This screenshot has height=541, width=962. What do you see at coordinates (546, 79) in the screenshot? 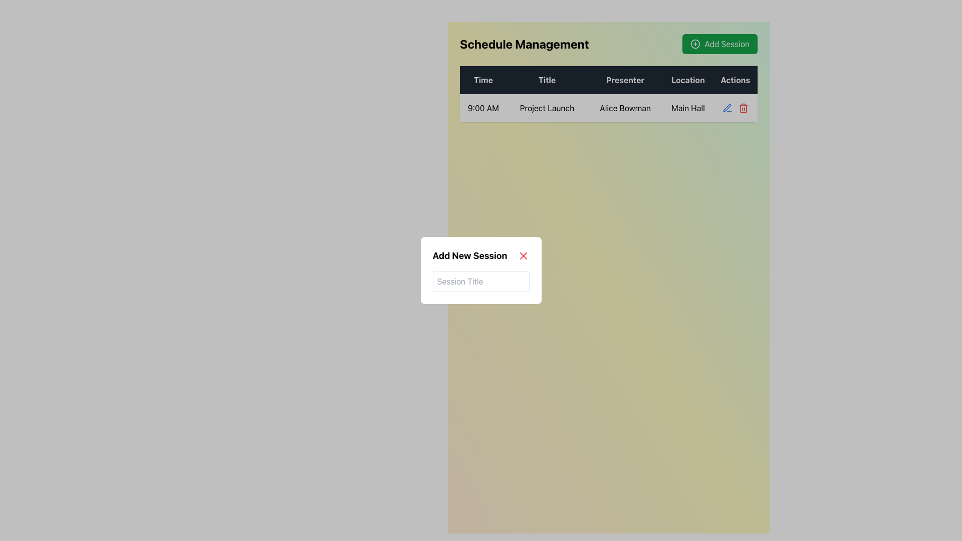
I see `the 'Title' text label element, which is centrally located in the header row of a table between the 'Time' and 'Presenter' labels` at bounding box center [546, 79].